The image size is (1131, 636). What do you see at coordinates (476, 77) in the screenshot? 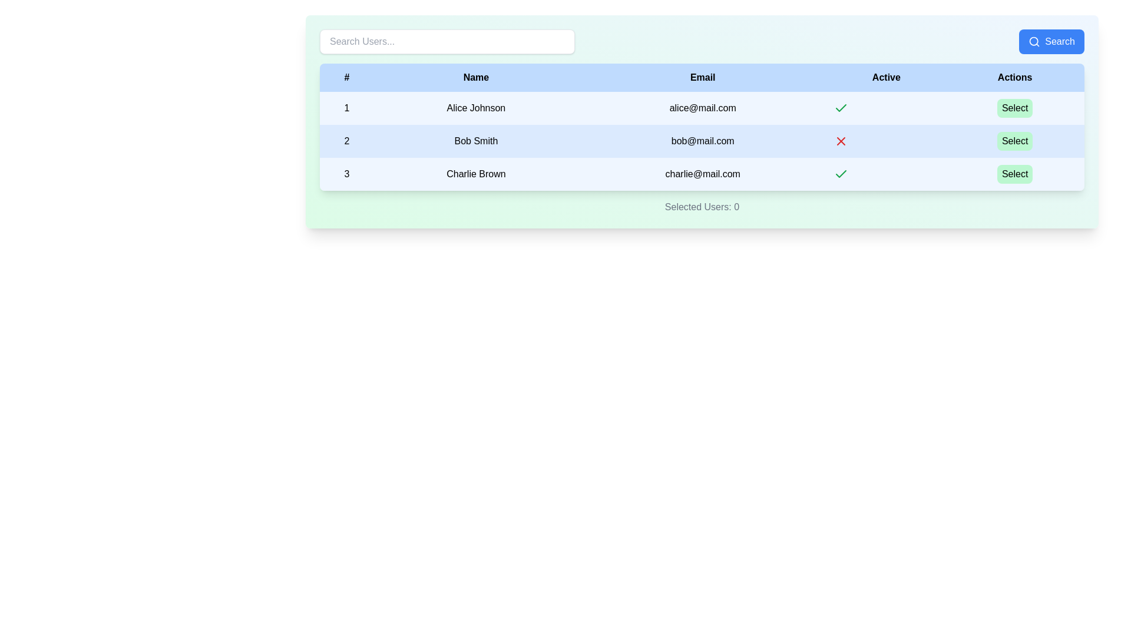
I see `the text label displaying 'Name' in bold black font, which is positioned on a light blue background in the header row of the table interface` at bounding box center [476, 77].